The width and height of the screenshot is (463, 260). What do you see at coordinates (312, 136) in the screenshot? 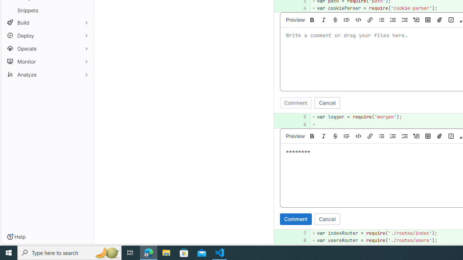
I see `'Add bold text (Ctrl+B)'` at bounding box center [312, 136].